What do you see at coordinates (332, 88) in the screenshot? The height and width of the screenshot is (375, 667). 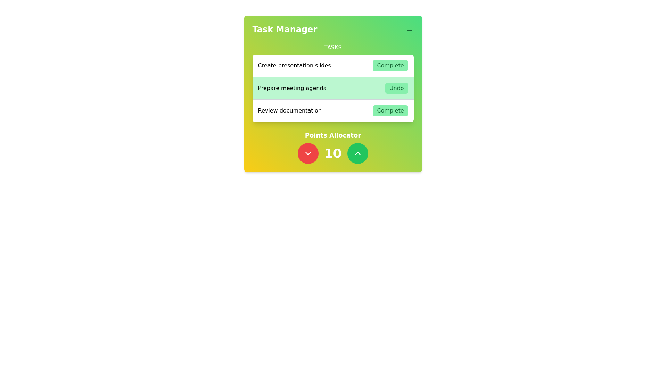 I see `task description for the task item labeled 'Prepare meeting agenda', located in the second row of the task list section with an integrated 'Undo' button` at bounding box center [332, 88].